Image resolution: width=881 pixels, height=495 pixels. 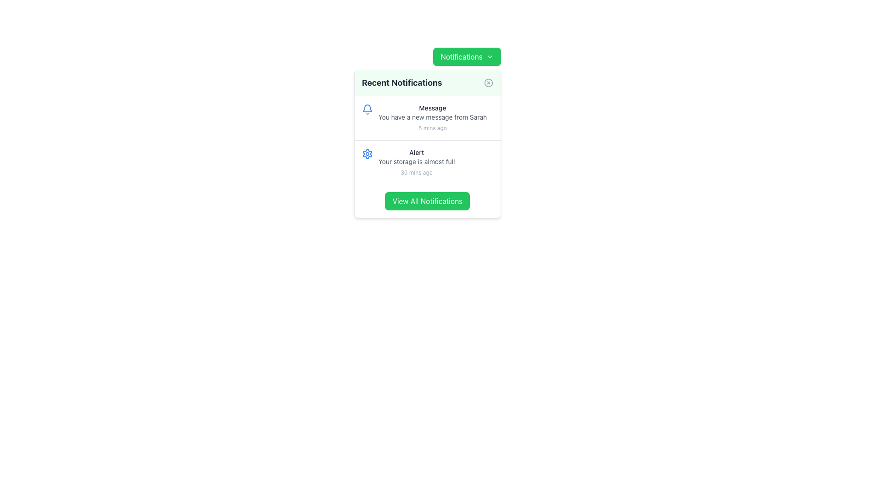 I want to click on the green button labeled 'View All Notifications' to change its appearance, so click(x=427, y=201).